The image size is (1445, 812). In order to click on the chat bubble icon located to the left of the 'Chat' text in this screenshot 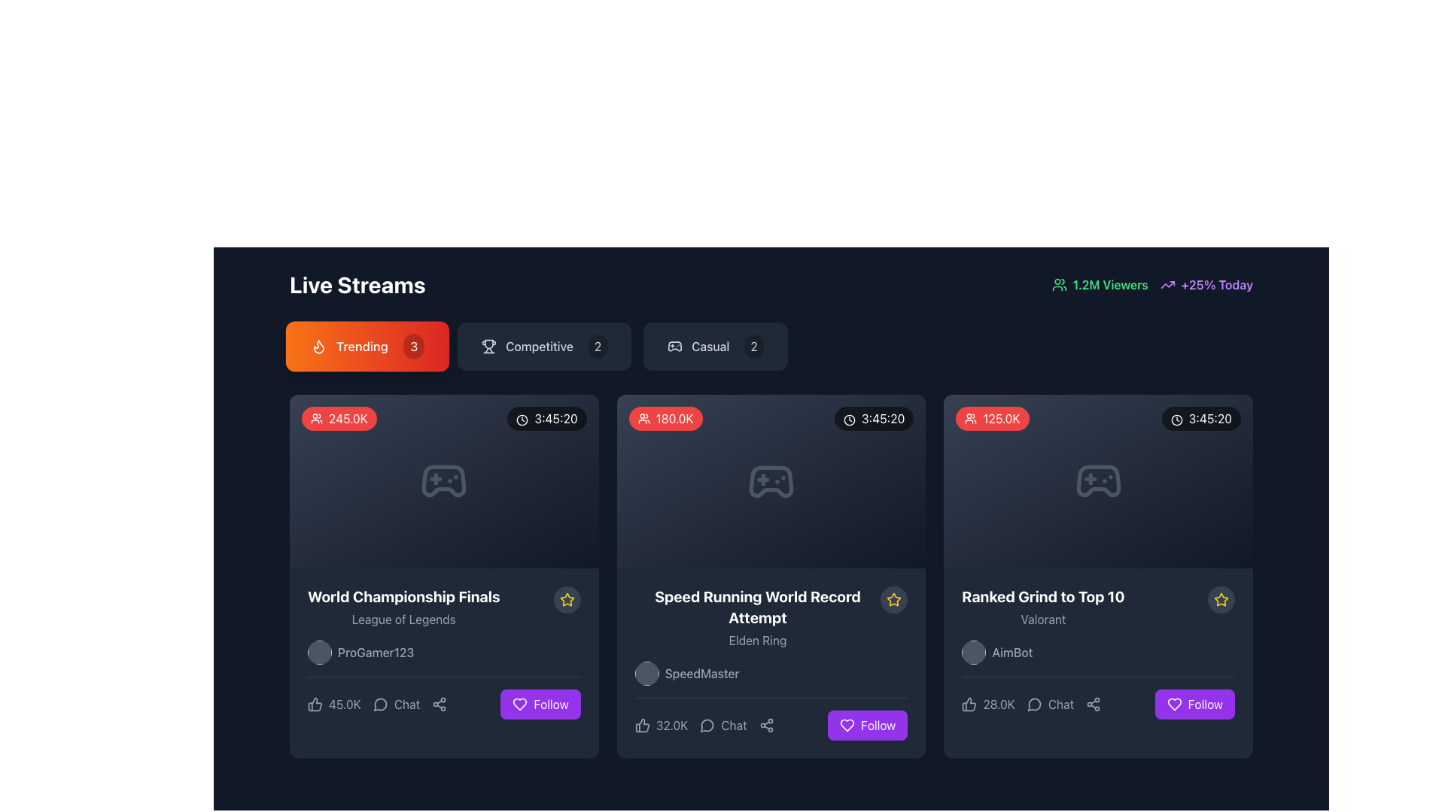, I will do `click(707, 724)`.